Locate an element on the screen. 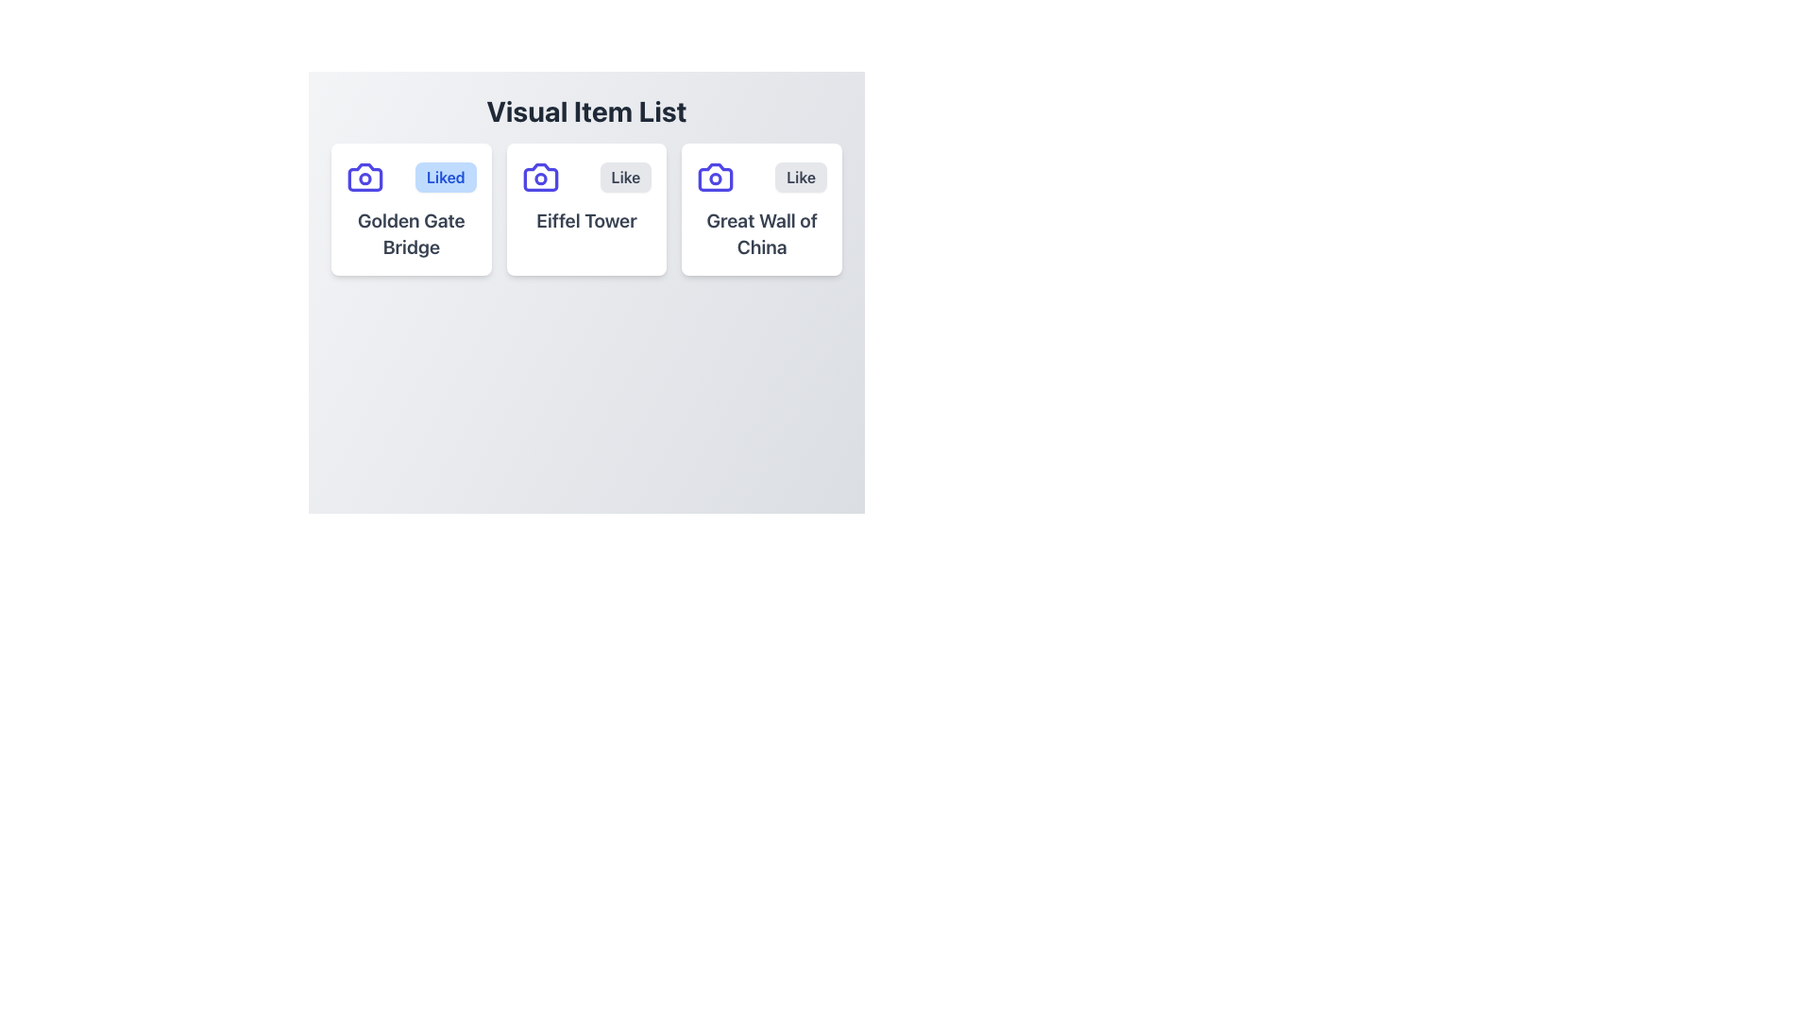  the like button for the 'Eiffel Tower' item, which is located in the second column of a horizontal triplet group under the camera icon is located at coordinates (625, 178).